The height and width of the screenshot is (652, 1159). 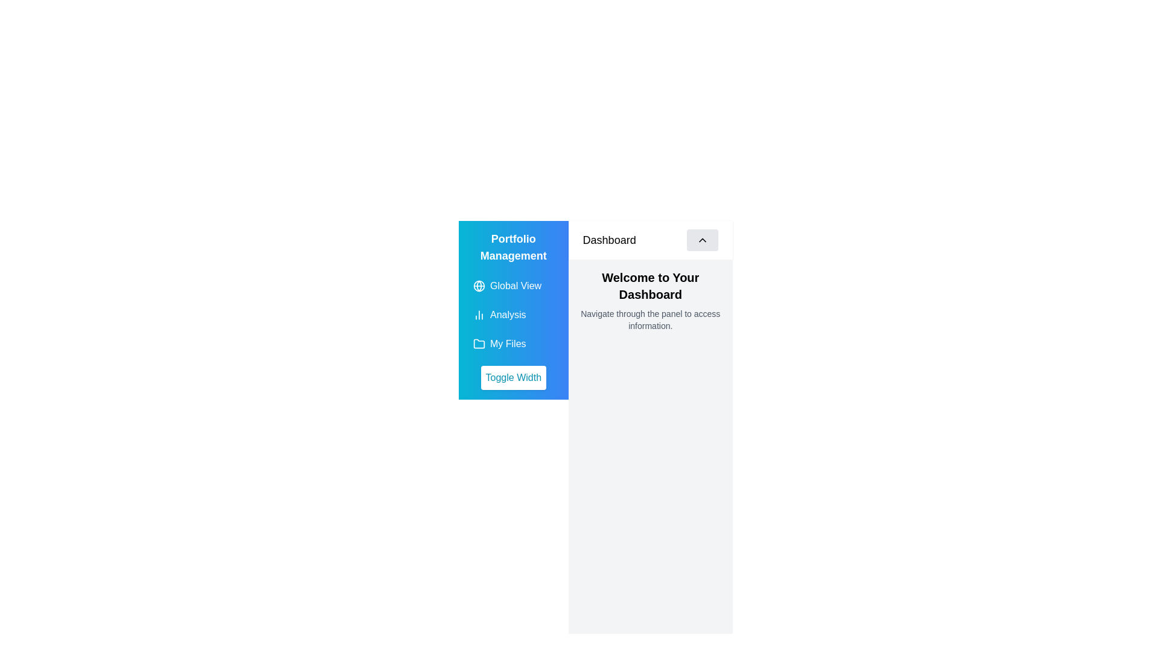 I want to click on the 'My Files' button, which is the third item in the sidebar menu containing a folder icon and styled text, so click(x=513, y=344).